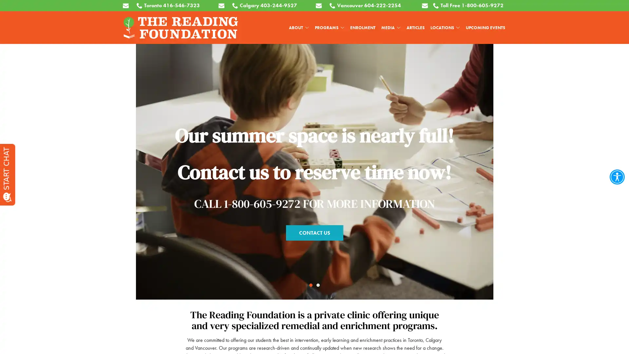 This screenshot has height=354, width=629. I want to click on Previous, so click(18, 116).